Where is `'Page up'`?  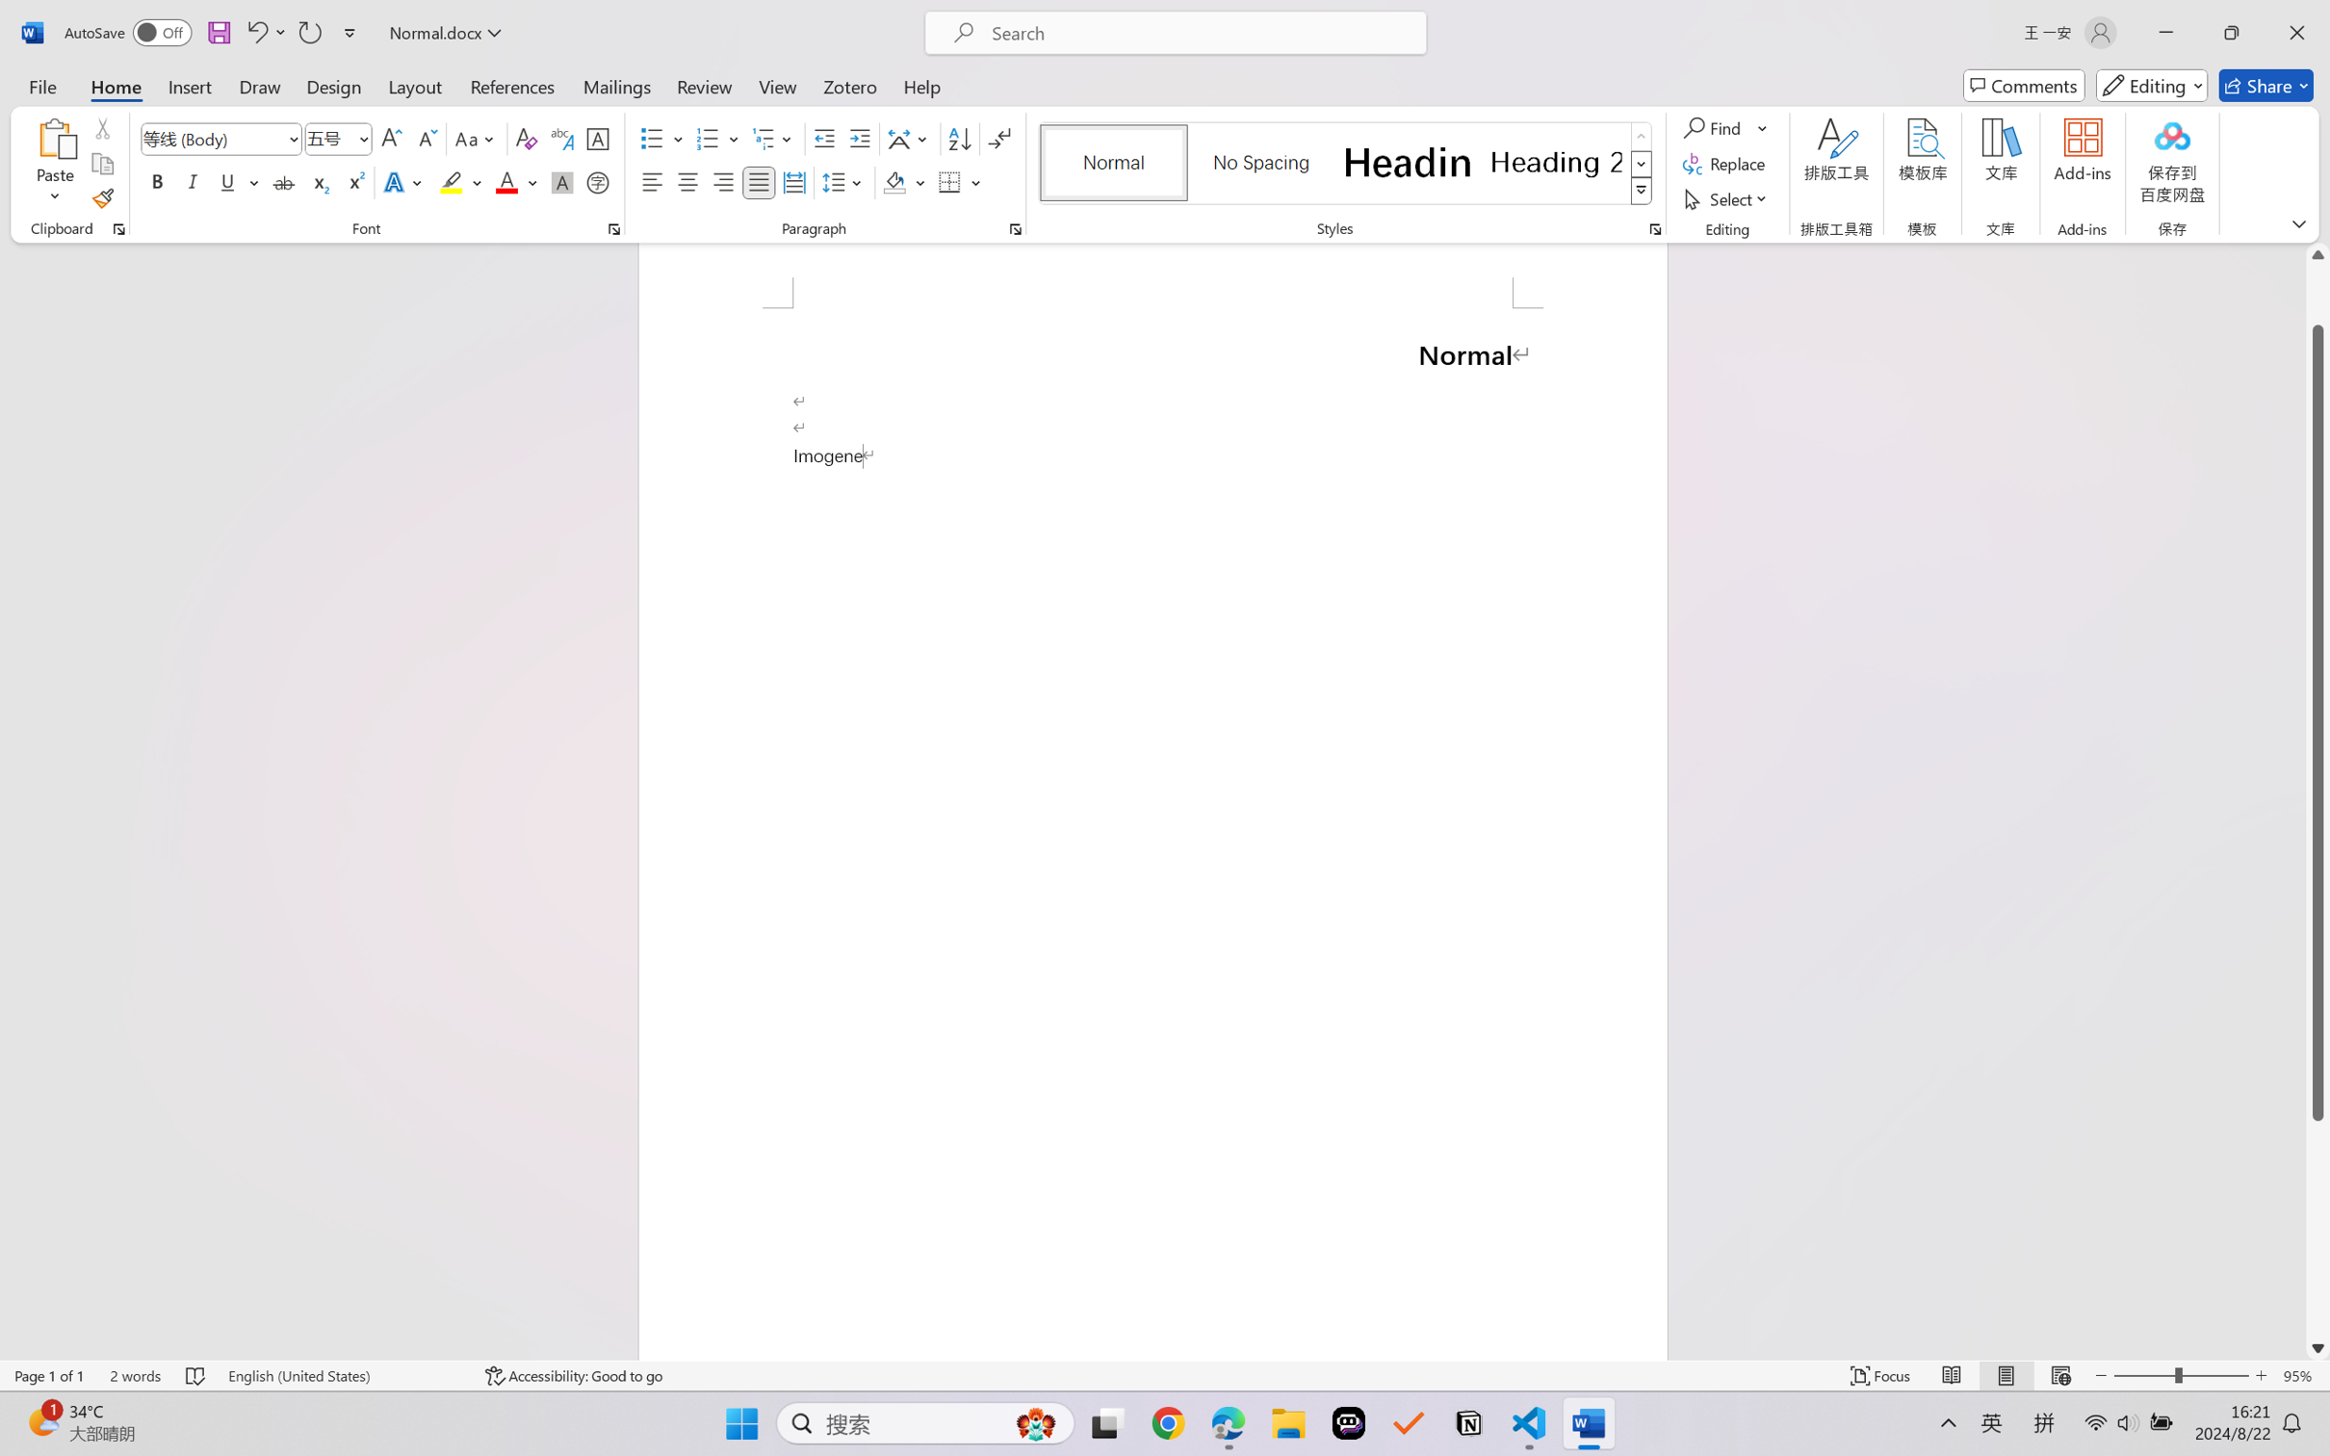 'Page up' is located at coordinates (2317, 294).